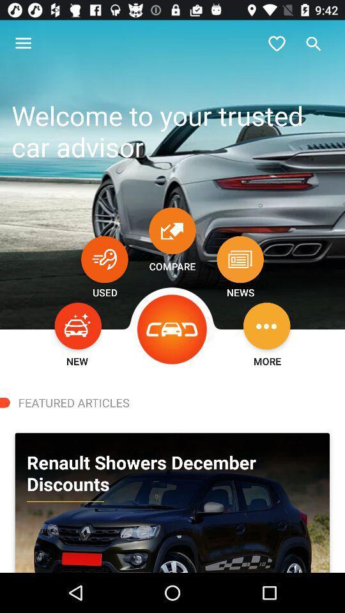  I want to click on search item, so click(313, 43).